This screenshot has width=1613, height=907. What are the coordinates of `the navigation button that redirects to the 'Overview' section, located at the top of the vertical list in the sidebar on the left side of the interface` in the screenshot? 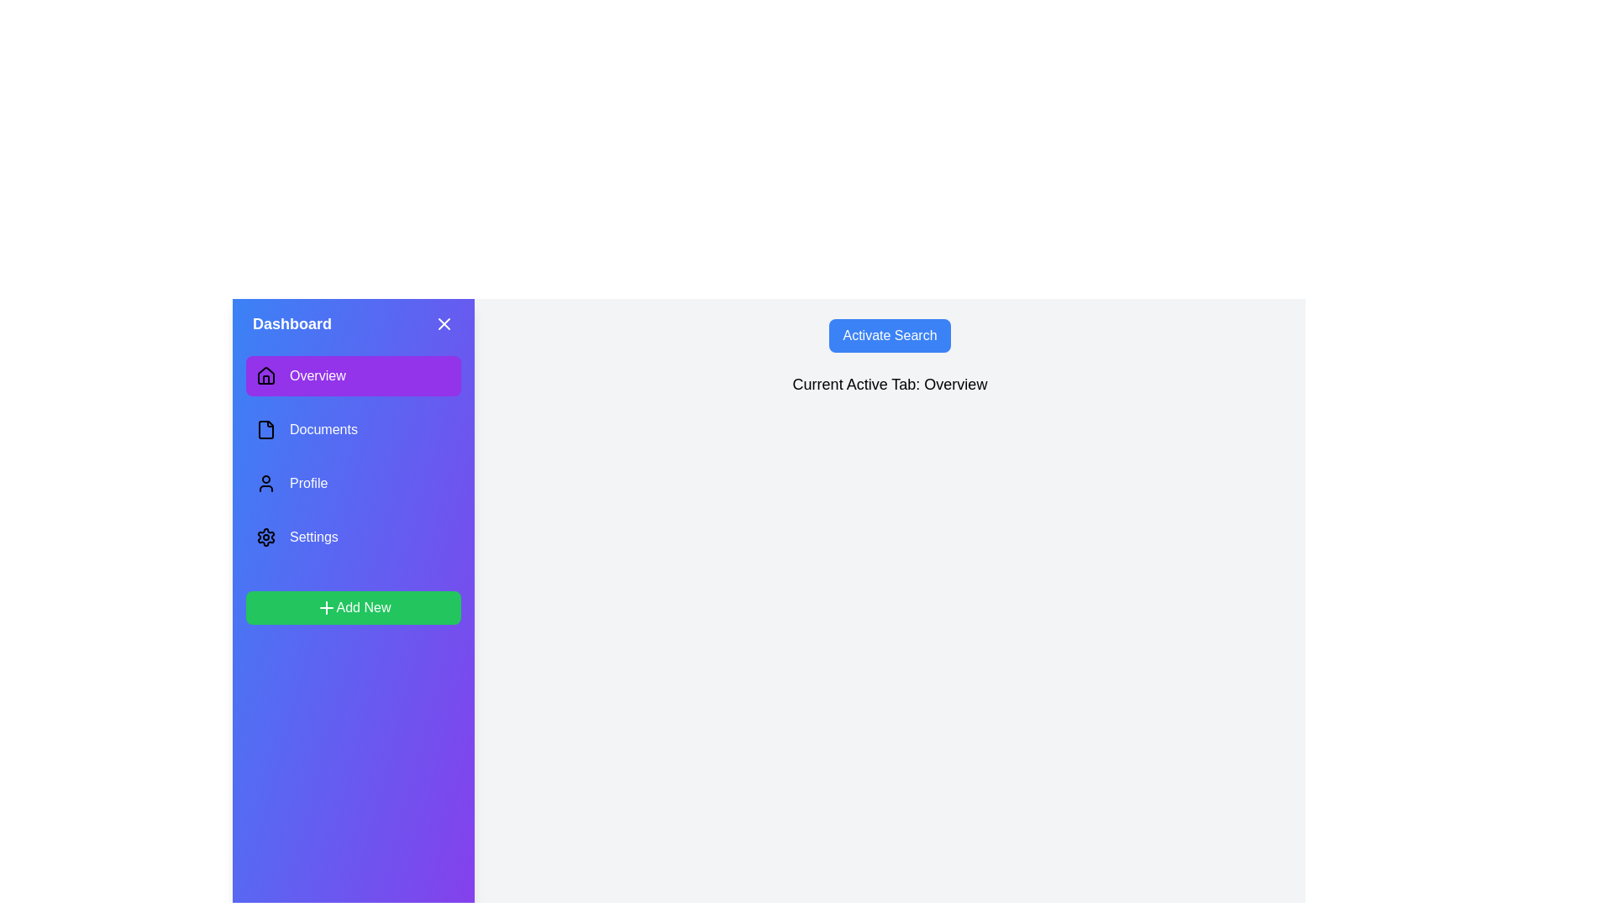 It's located at (353, 375).